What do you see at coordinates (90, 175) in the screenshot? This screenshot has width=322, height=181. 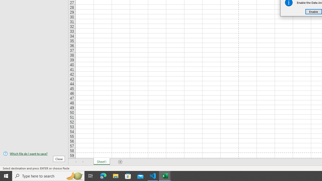 I see `'Task View'` at bounding box center [90, 175].